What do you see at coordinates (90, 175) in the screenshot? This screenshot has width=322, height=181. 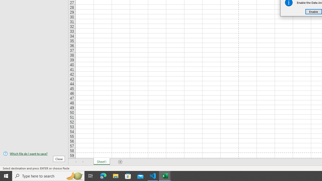 I see `'Task View'` at bounding box center [90, 175].